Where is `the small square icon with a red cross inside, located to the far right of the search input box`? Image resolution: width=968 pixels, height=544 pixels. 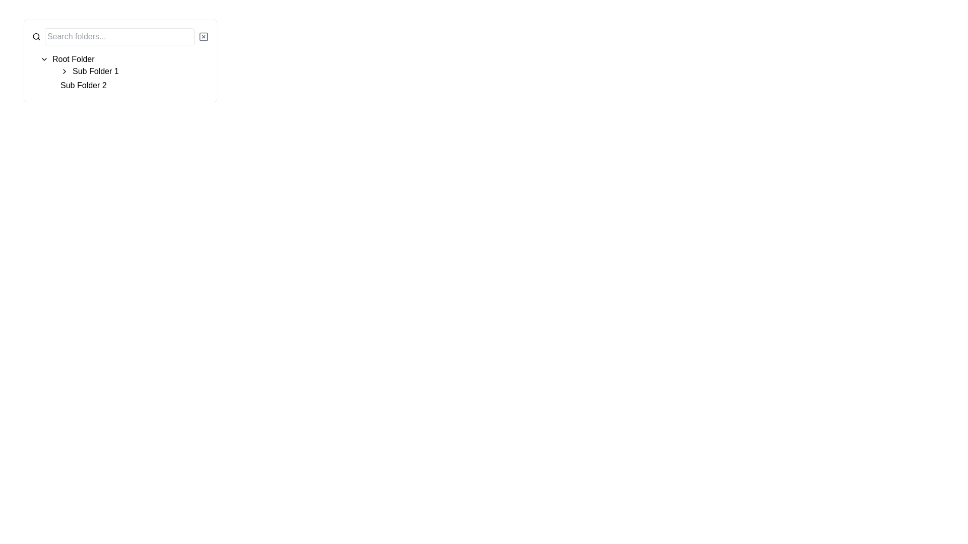
the small square icon with a red cross inside, located to the far right of the search input box is located at coordinates (203, 36).